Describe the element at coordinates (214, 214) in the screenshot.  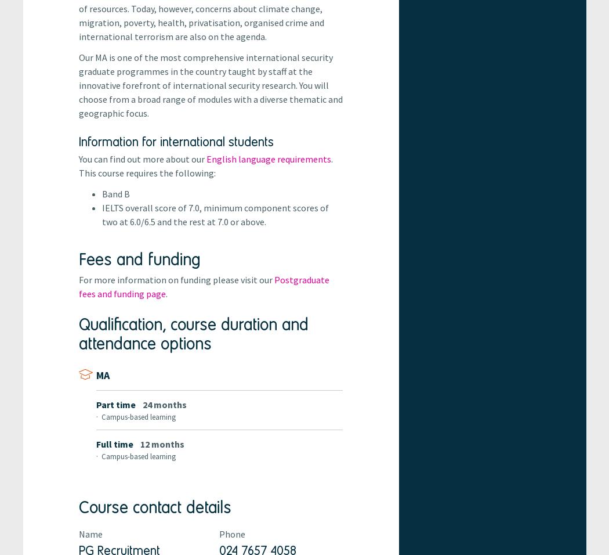
I see `'IELTS overall score of 7.0, minimum component scores of two at 6.0/6.5 and the rest at 7.0 or above.'` at that location.